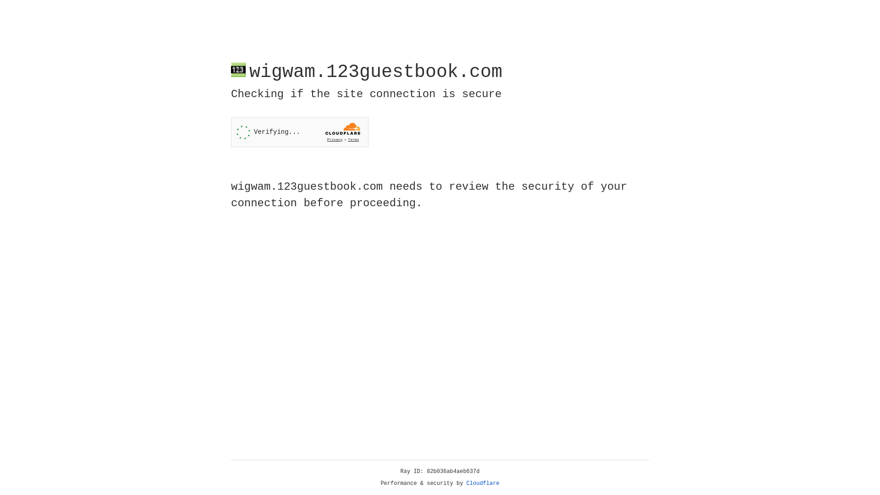 This screenshot has width=880, height=495. Describe the element at coordinates (466, 483) in the screenshot. I see `'Cloudflare'` at that location.